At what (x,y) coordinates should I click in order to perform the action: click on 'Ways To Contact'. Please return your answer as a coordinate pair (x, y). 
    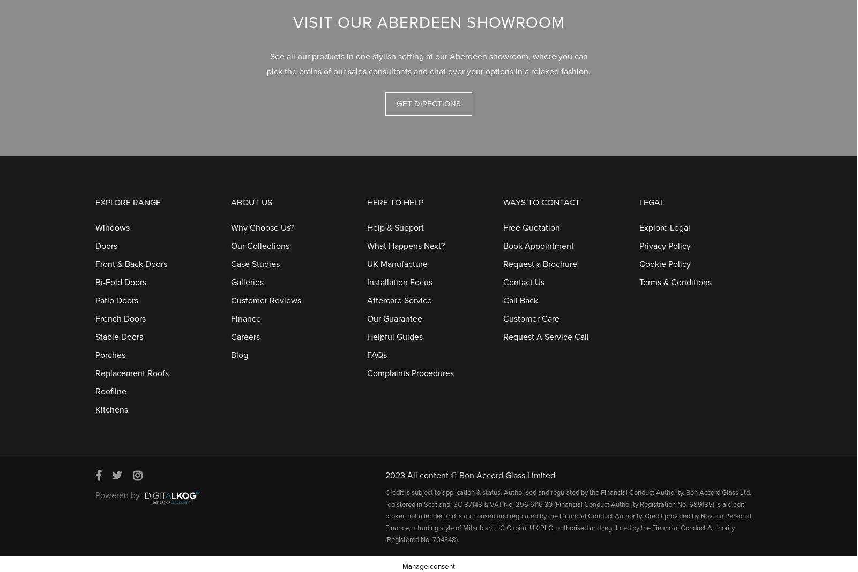
    Looking at the image, I should click on (541, 197).